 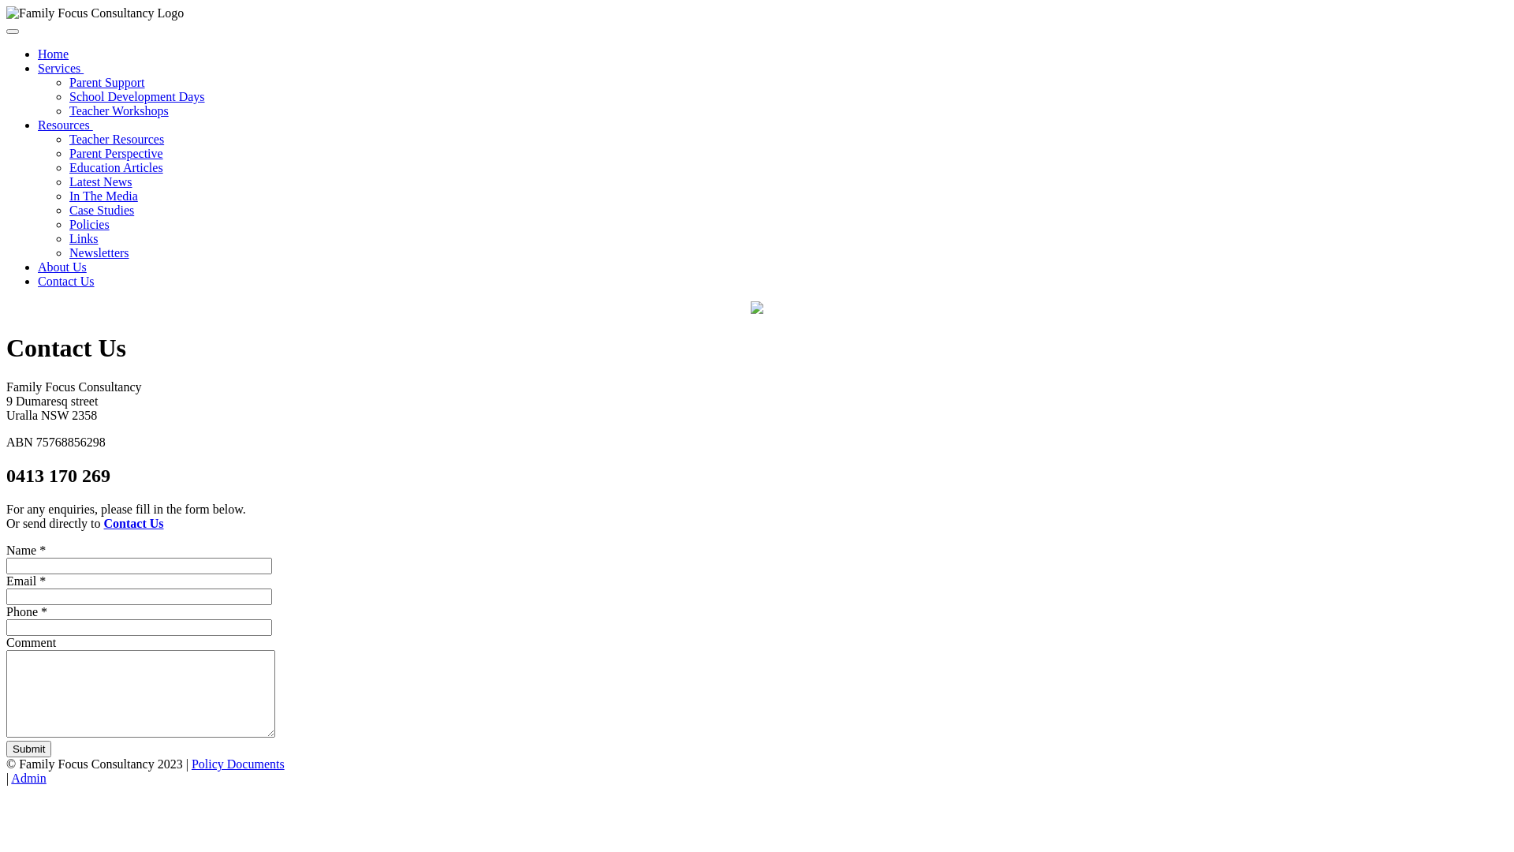 I want to click on 'Case Studies', so click(x=101, y=209).